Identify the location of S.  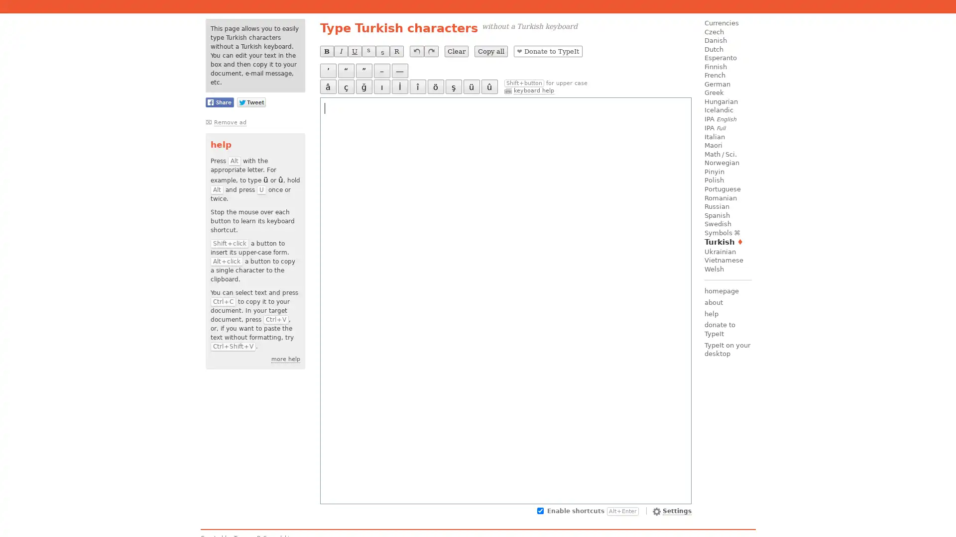
(367, 51).